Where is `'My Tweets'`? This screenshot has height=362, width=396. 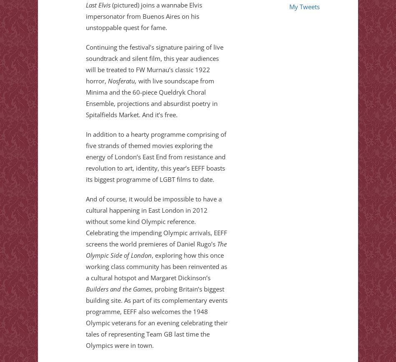 'My Tweets' is located at coordinates (304, 6).